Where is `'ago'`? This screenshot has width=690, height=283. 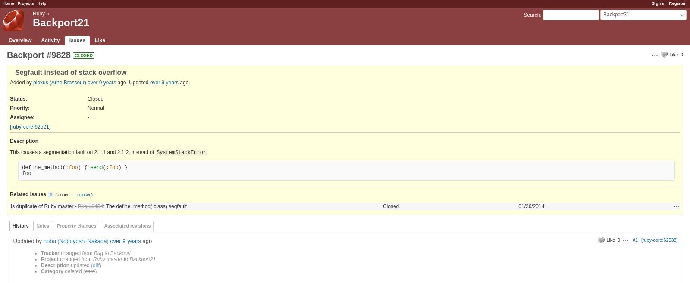 'ago' is located at coordinates (146, 240).